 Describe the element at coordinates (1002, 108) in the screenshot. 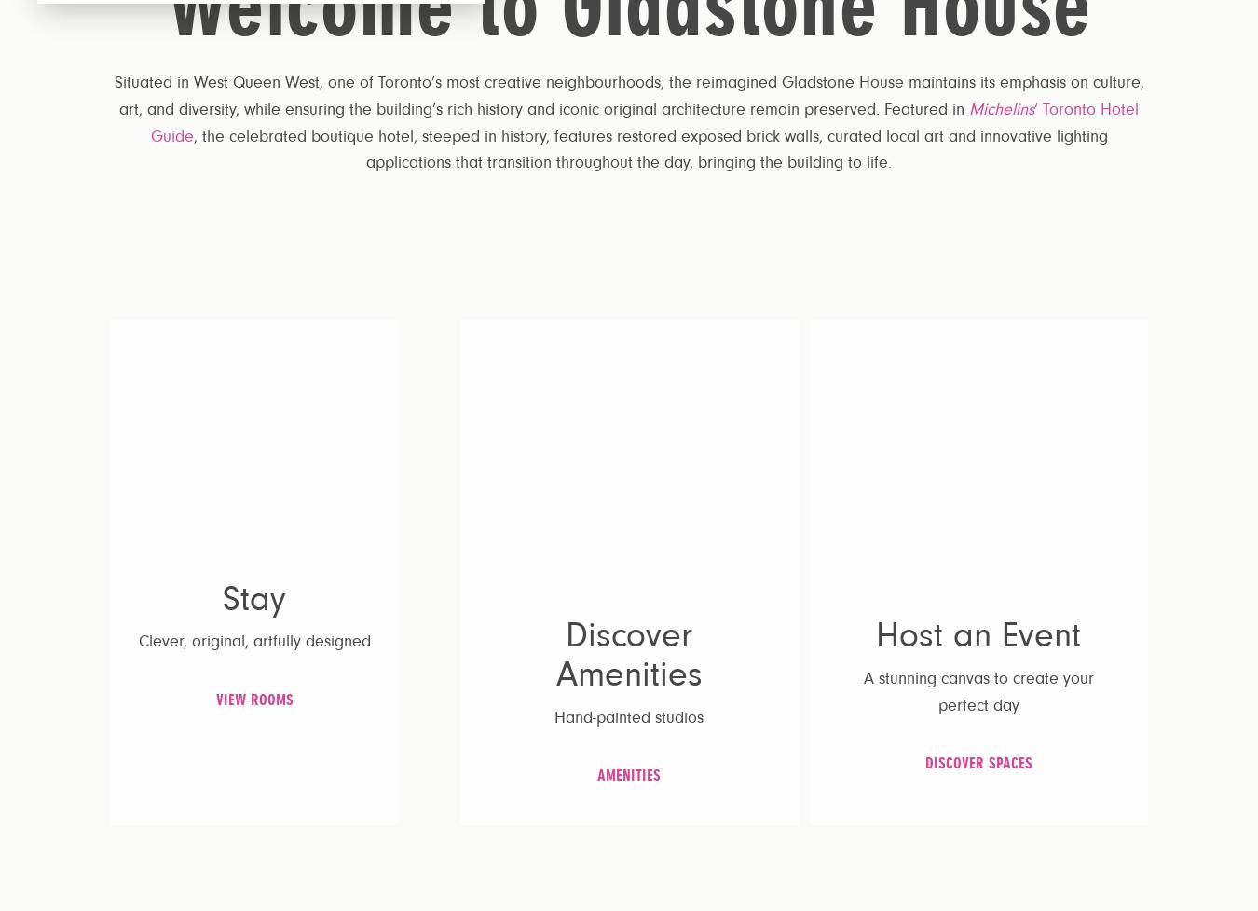

I see `'Michelins'` at that location.